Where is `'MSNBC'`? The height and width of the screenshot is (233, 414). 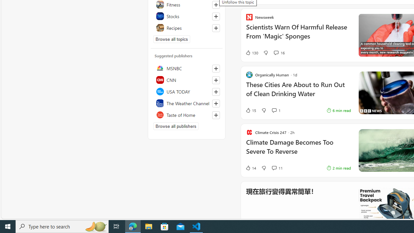 'MSNBC' is located at coordinates (186, 68).